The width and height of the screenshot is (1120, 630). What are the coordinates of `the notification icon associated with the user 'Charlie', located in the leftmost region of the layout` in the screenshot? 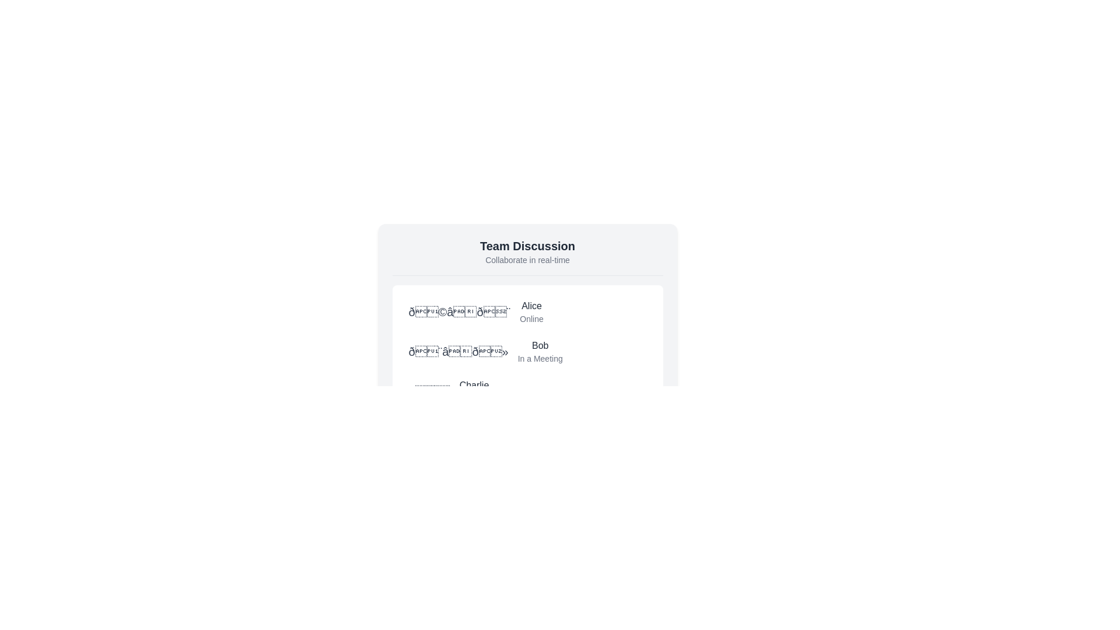 It's located at (429, 391).